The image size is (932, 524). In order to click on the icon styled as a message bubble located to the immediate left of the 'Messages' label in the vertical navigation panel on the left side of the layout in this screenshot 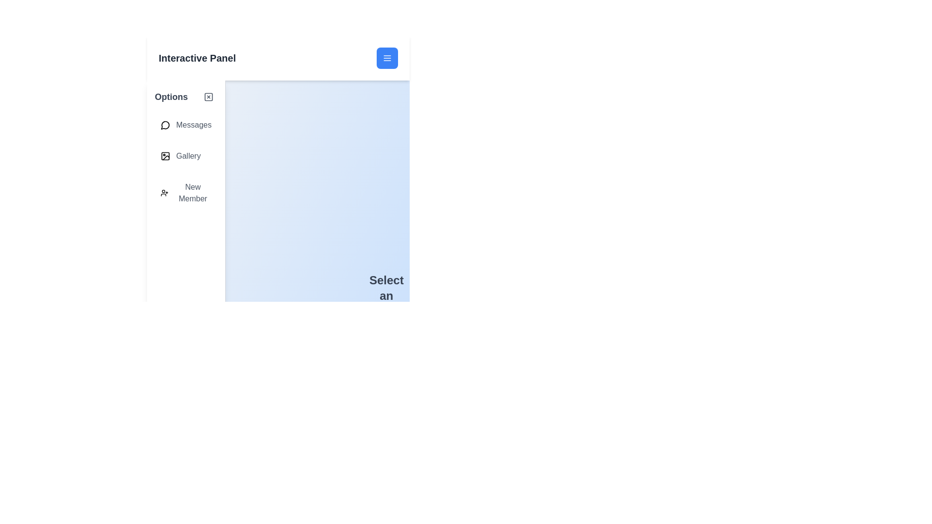, I will do `click(165, 125)`.